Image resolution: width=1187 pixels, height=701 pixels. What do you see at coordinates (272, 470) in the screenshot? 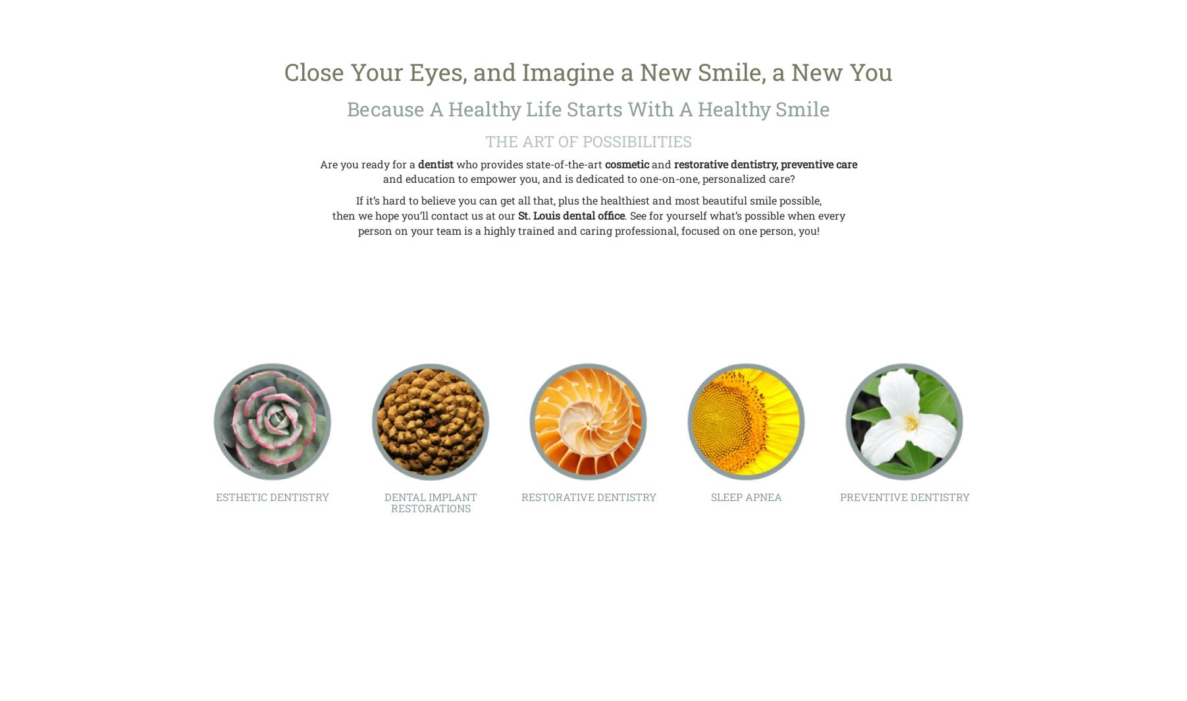
I see `'Your smile is one of the first things people notice about you, so
              you must have a smile that you’re proud to show off. Some people
              aren’t happy with how their teeth look, so they a...'` at bounding box center [272, 470].